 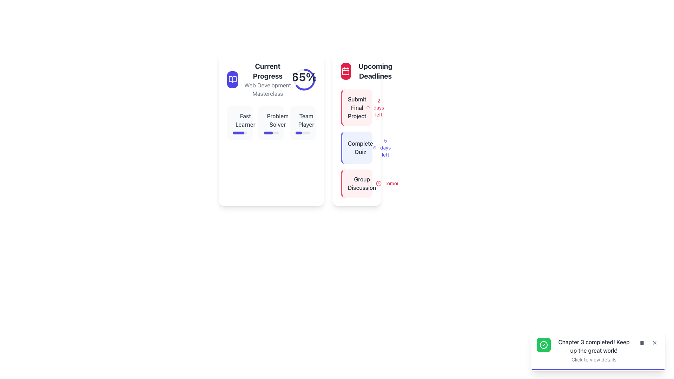 What do you see at coordinates (598, 369) in the screenshot?
I see `the thin, horizontal progress bar located at the bottom of the notification card that indicates progression from left to right` at bounding box center [598, 369].